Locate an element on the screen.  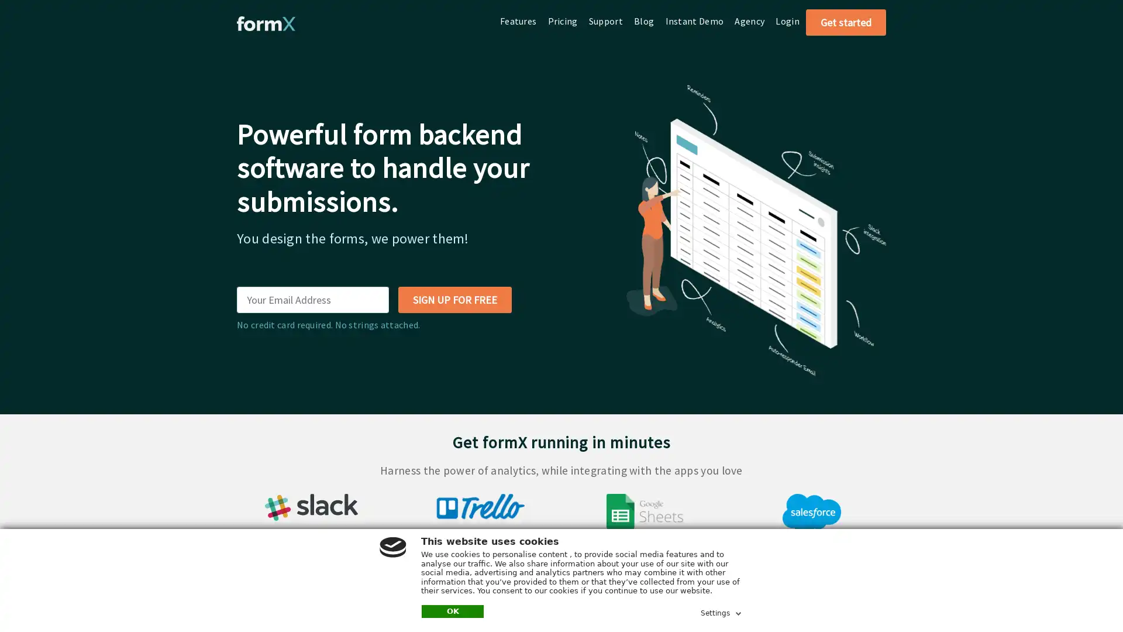
Get started is located at coordinates (846, 22).